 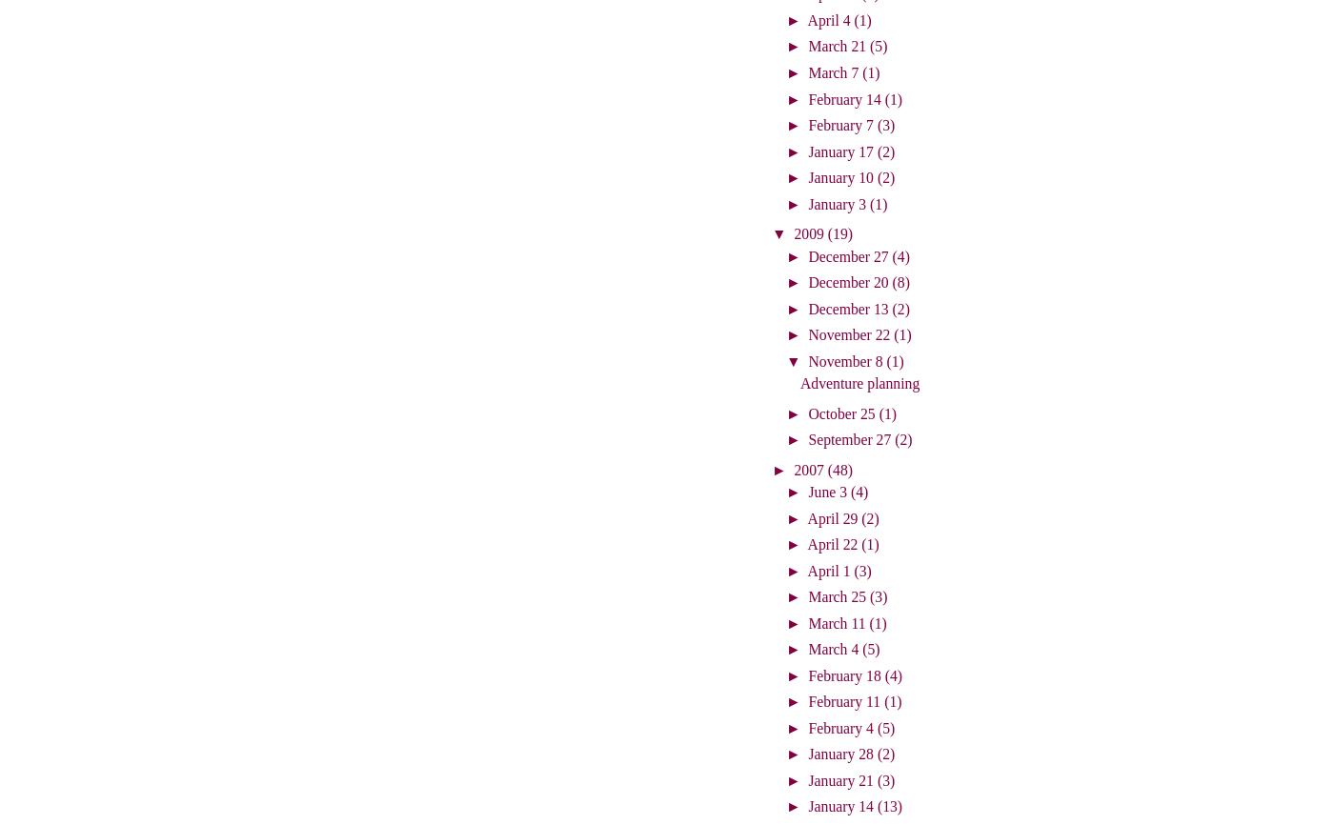 What do you see at coordinates (809, 469) in the screenshot?
I see `'2007'` at bounding box center [809, 469].